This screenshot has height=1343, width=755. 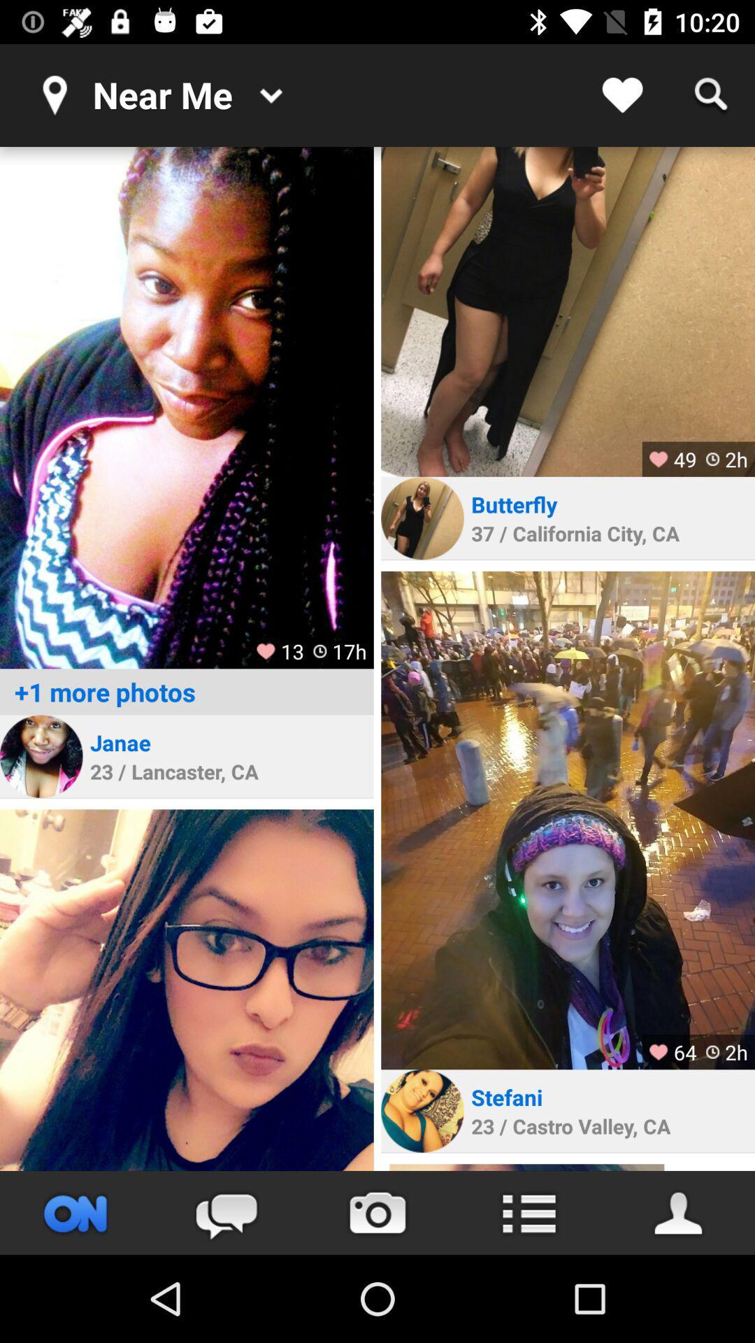 What do you see at coordinates (120, 741) in the screenshot?
I see `icon below +1 more photos` at bounding box center [120, 741].